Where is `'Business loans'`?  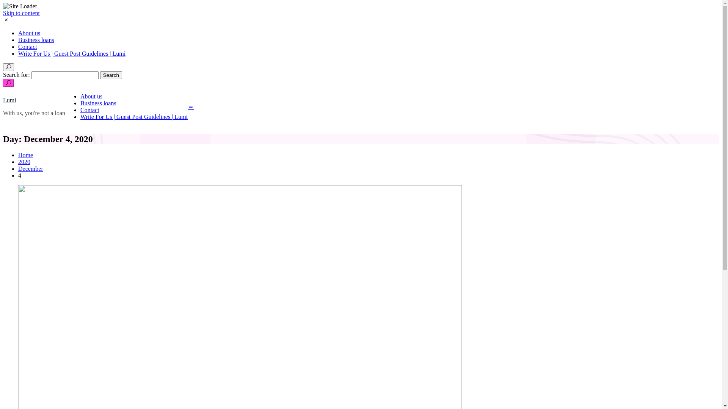
'Business loans' is located at coordinates (36, 40).